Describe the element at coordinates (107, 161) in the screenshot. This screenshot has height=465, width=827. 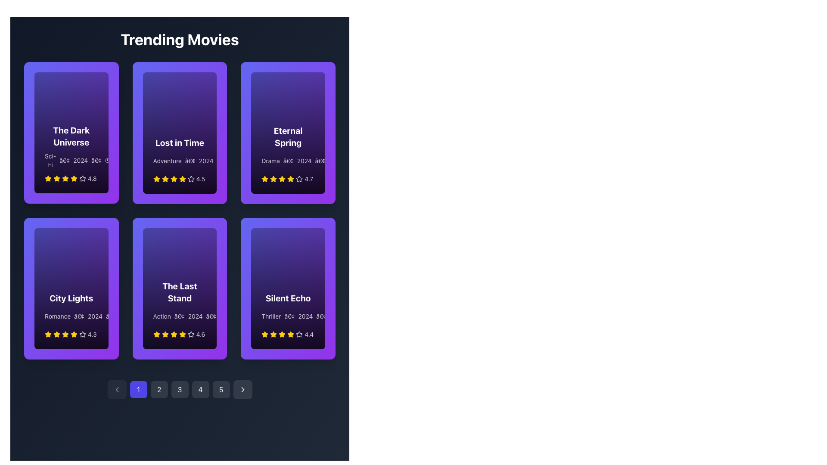
I see `the decorative SVG circle that is part of the clock icon design, located near the title of the movie 'The Dark Universe' in the top-left movie card` at that location.